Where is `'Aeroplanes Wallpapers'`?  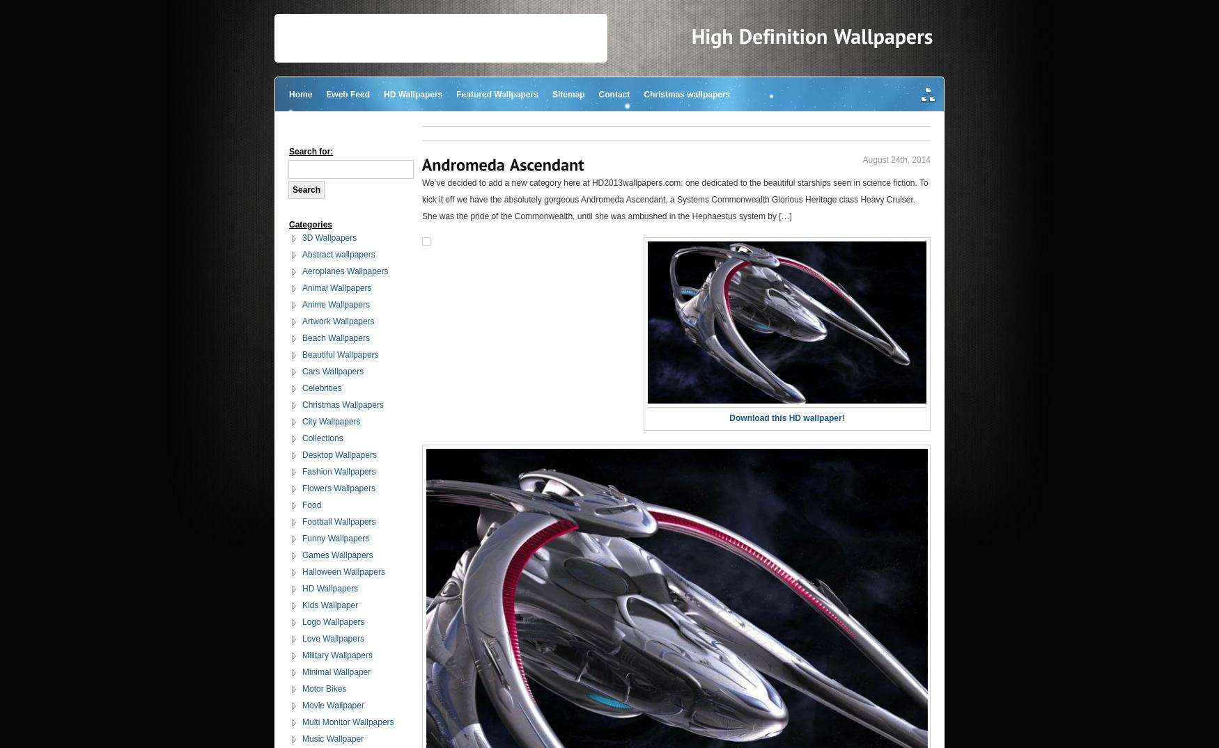
'Aeroplanes Wallpapers' is located at coordinates (345, 271).